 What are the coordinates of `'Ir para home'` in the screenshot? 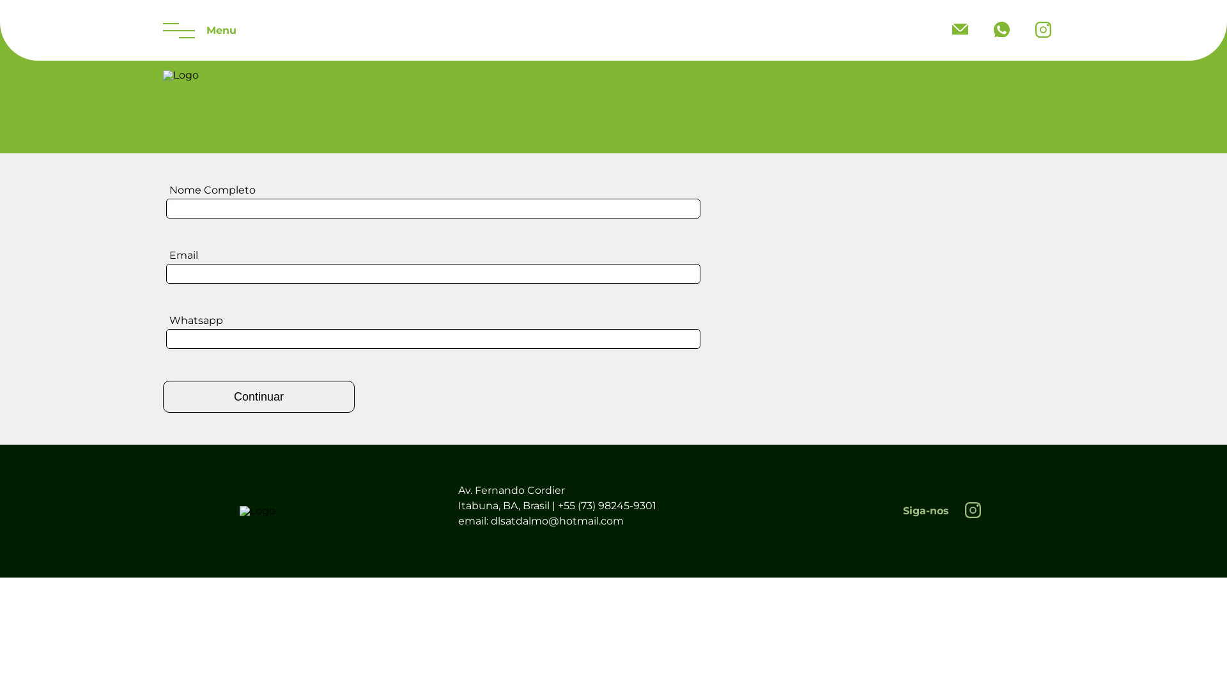 It's located at (257, 510).